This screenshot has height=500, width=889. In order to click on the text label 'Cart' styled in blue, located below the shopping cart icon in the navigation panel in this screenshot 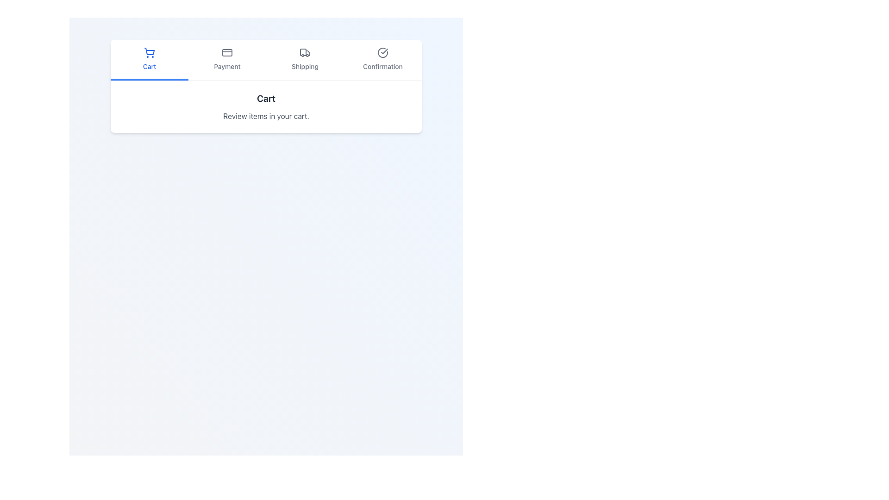, I will do `click(149, 66)`.